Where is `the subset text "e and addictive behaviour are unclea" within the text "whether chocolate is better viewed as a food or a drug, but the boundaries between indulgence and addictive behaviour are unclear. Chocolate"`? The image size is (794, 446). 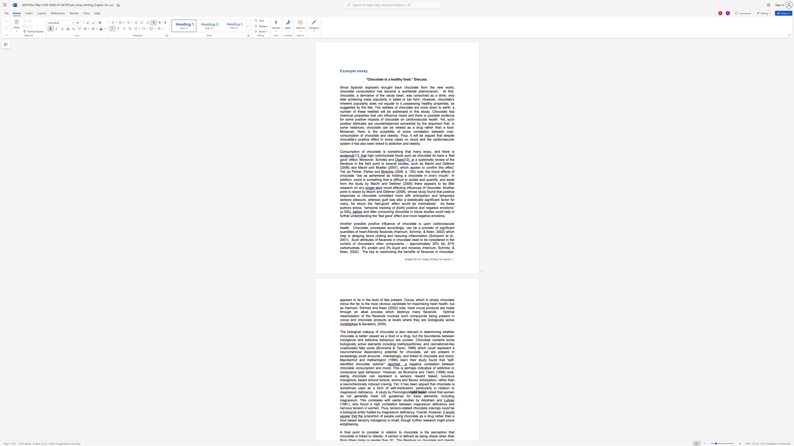 the subset text "e and addictive behaviour are unclea" within the text "whether chocolate is better viewed as a food or a drug, but the boundaries between indulgence and addictive behaviour are unclear. Chocolate" is located at coordinates (354, 340).